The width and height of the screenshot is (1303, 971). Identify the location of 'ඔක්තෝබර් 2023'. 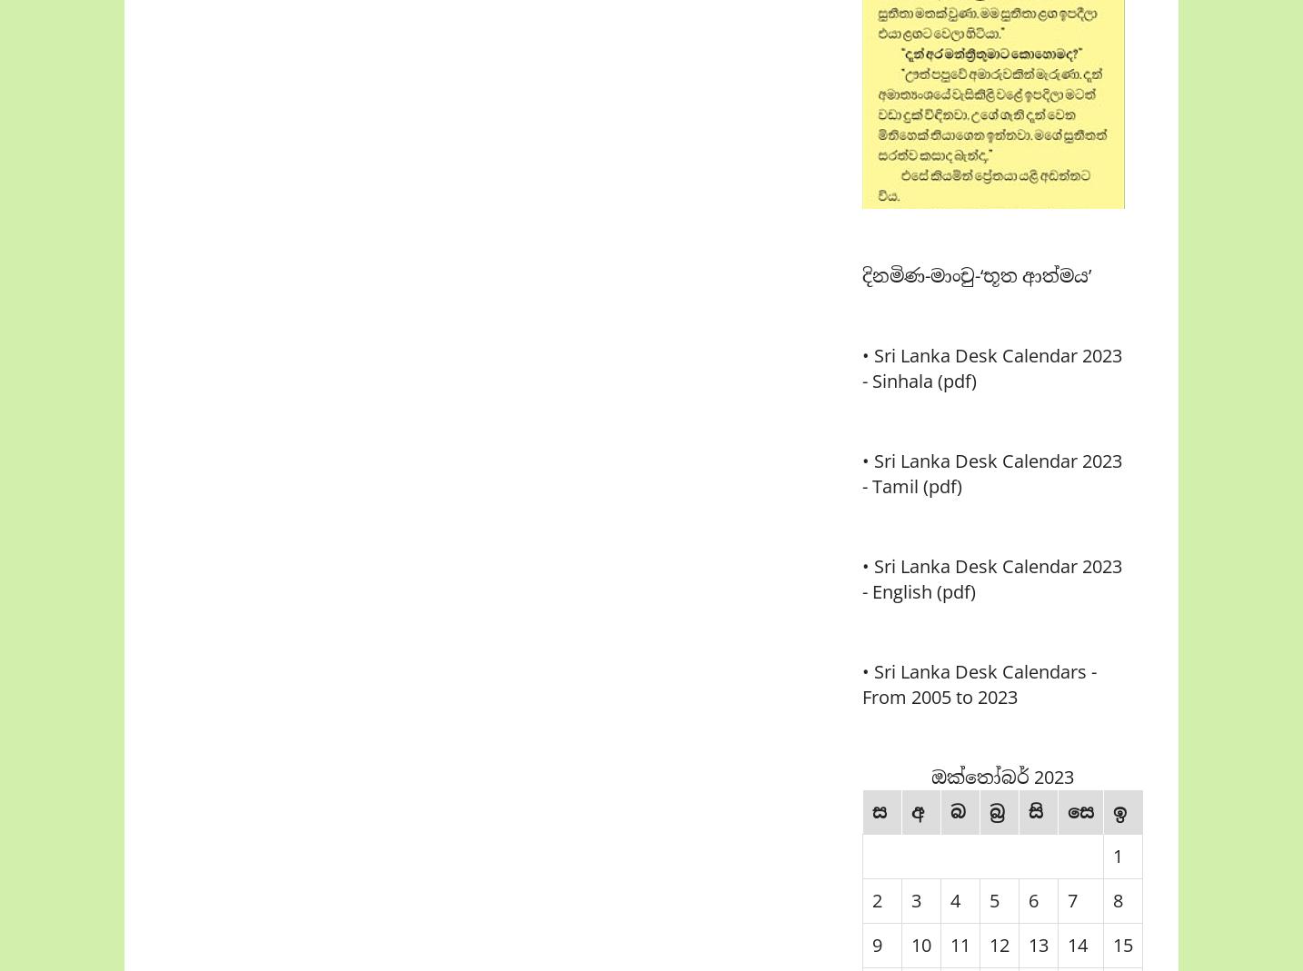
(1002, 777).